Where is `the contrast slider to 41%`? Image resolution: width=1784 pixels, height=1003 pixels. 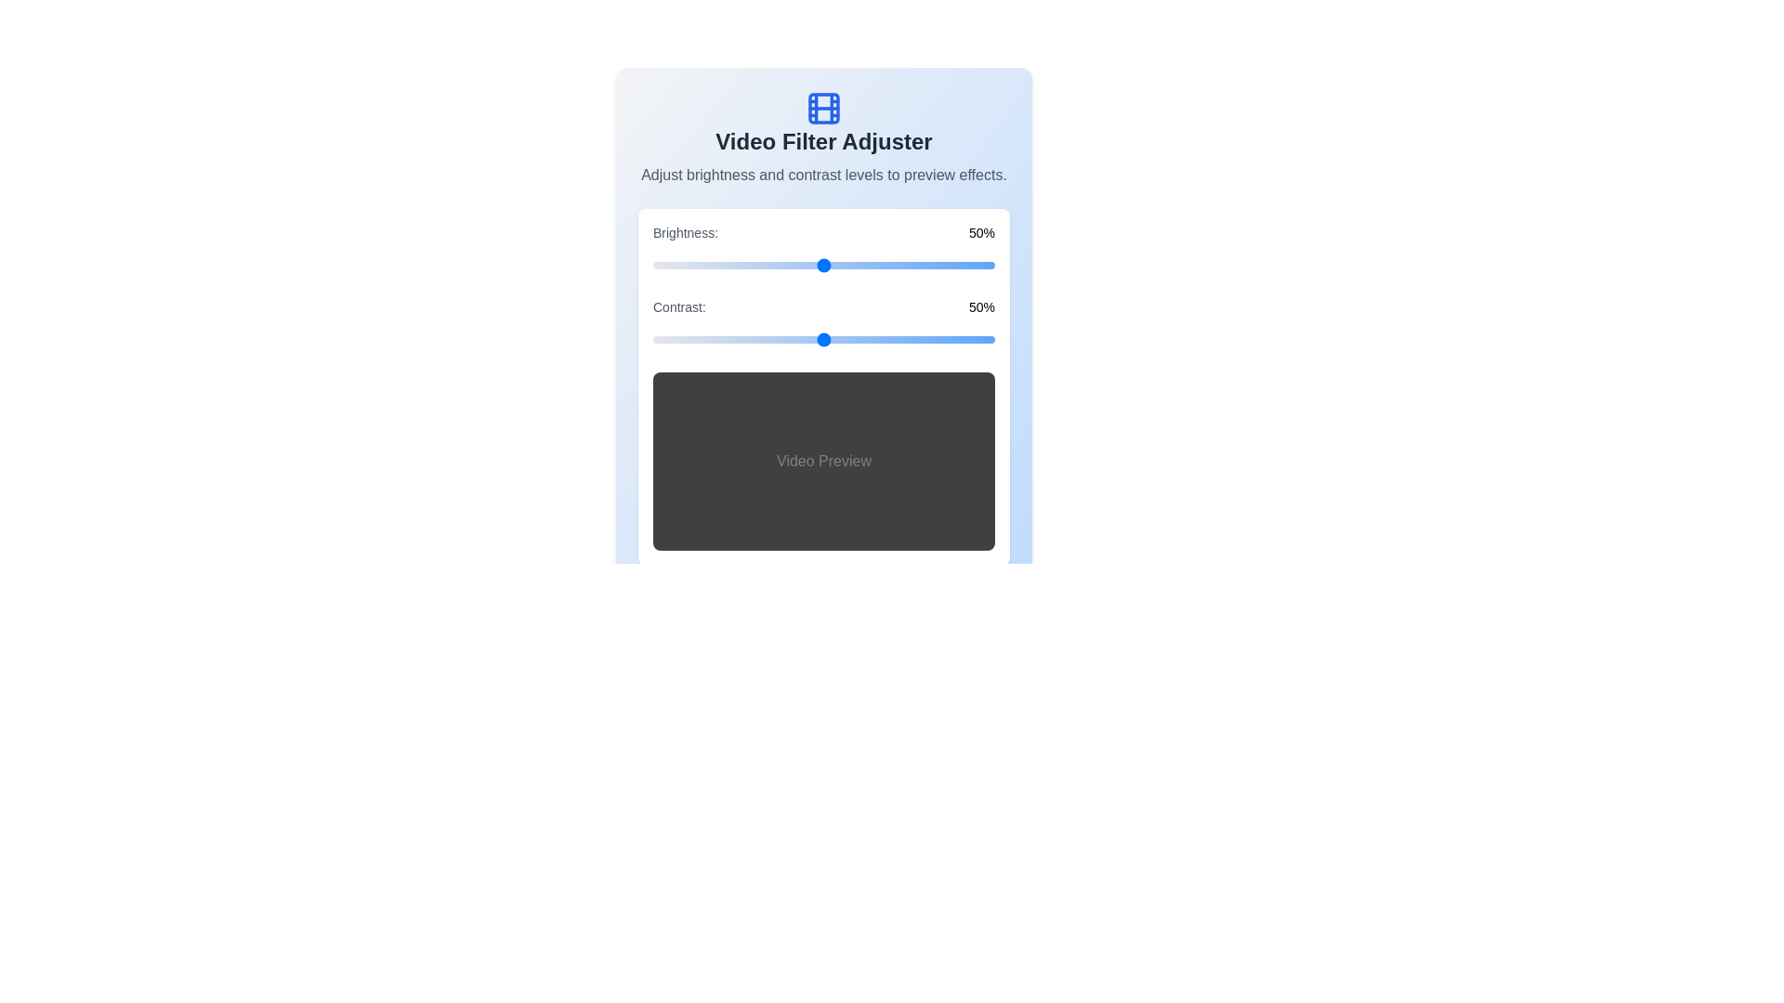 the contrast slider to 41% is located at coordinates (793, 340).